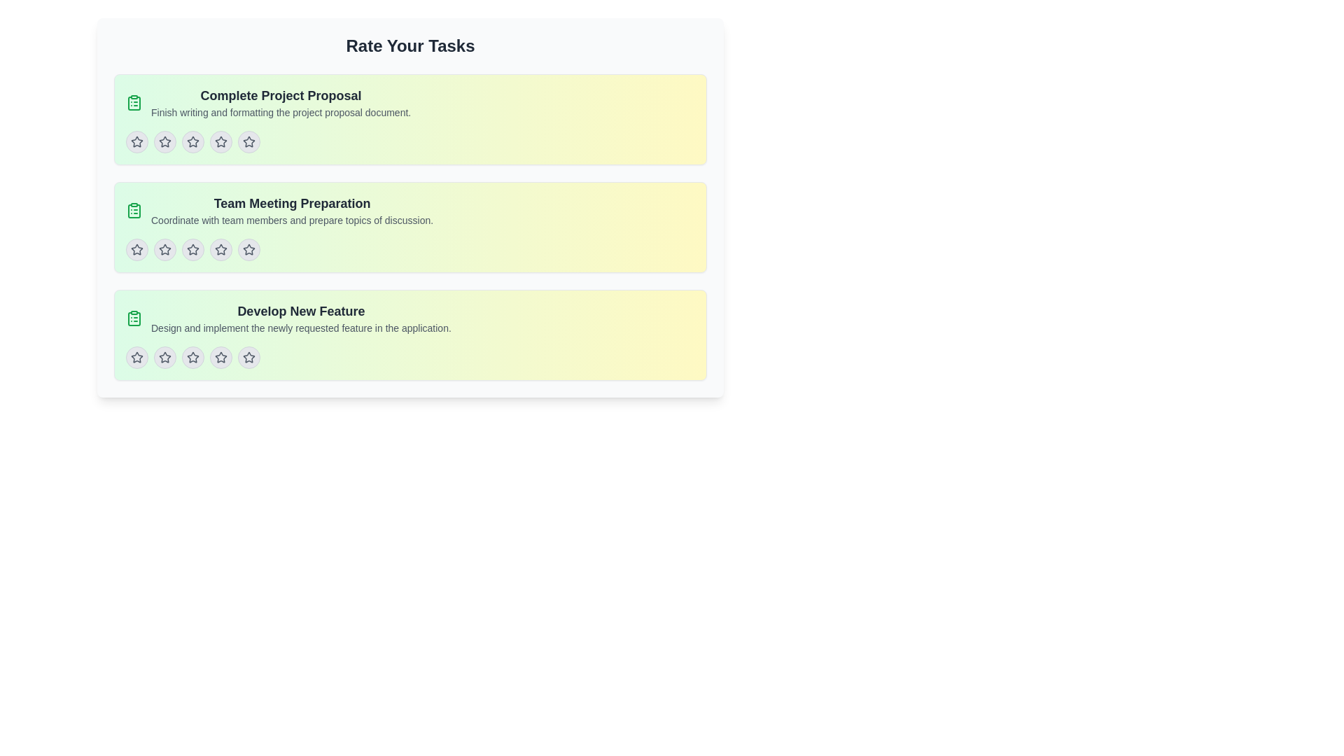 This screenshot has height=756, width=1344. I want to click on the text label that reads 'Coordinate with team members and prepare topics of discussion.', which is styled in gray and located beneath the title 'Team Meeting Preparation', so click(291, 220).